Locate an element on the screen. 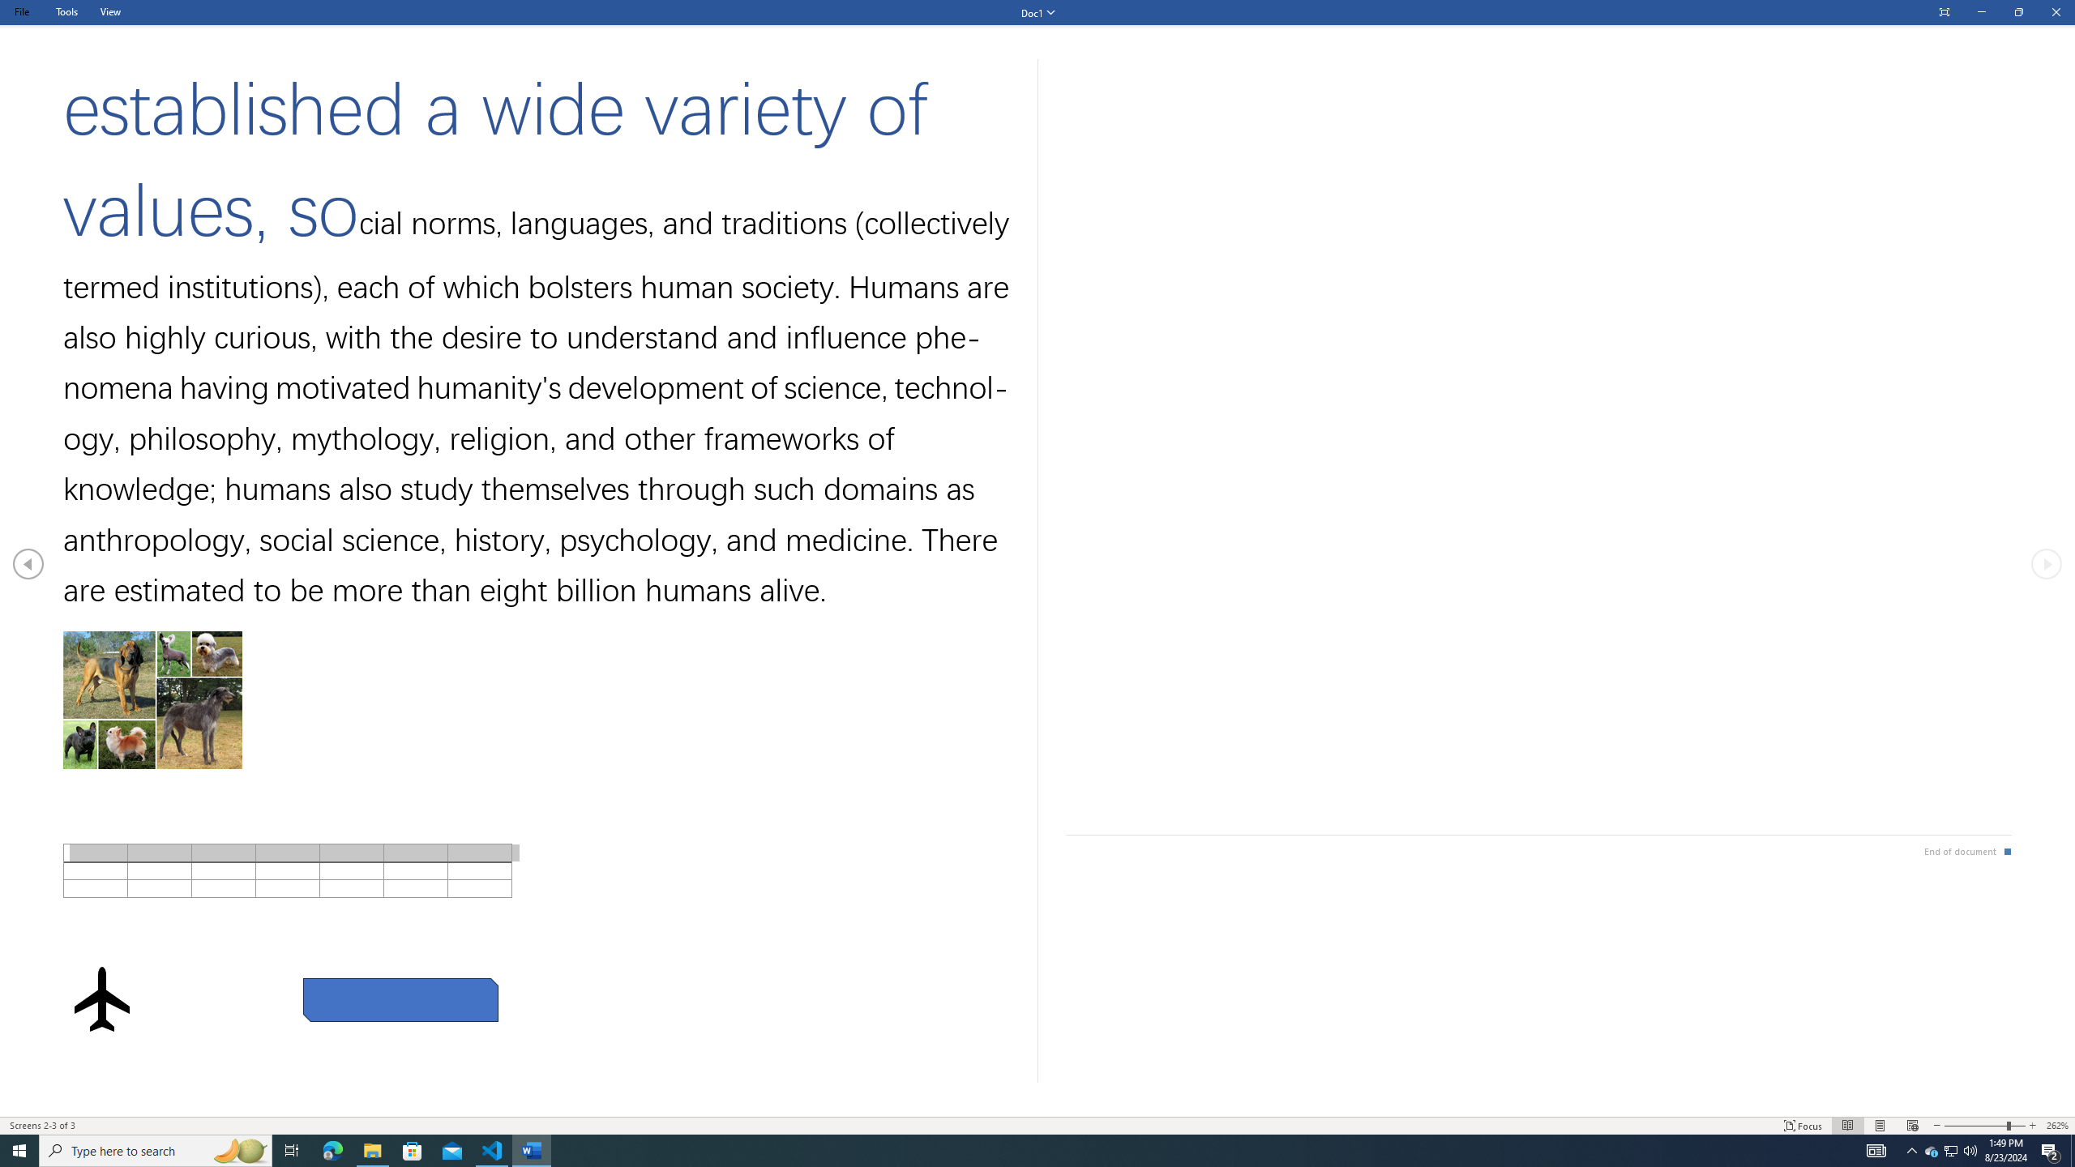 The image size is (2075, 1167). 'Decrease Text Size' is located at coordinates (1936, 1126).